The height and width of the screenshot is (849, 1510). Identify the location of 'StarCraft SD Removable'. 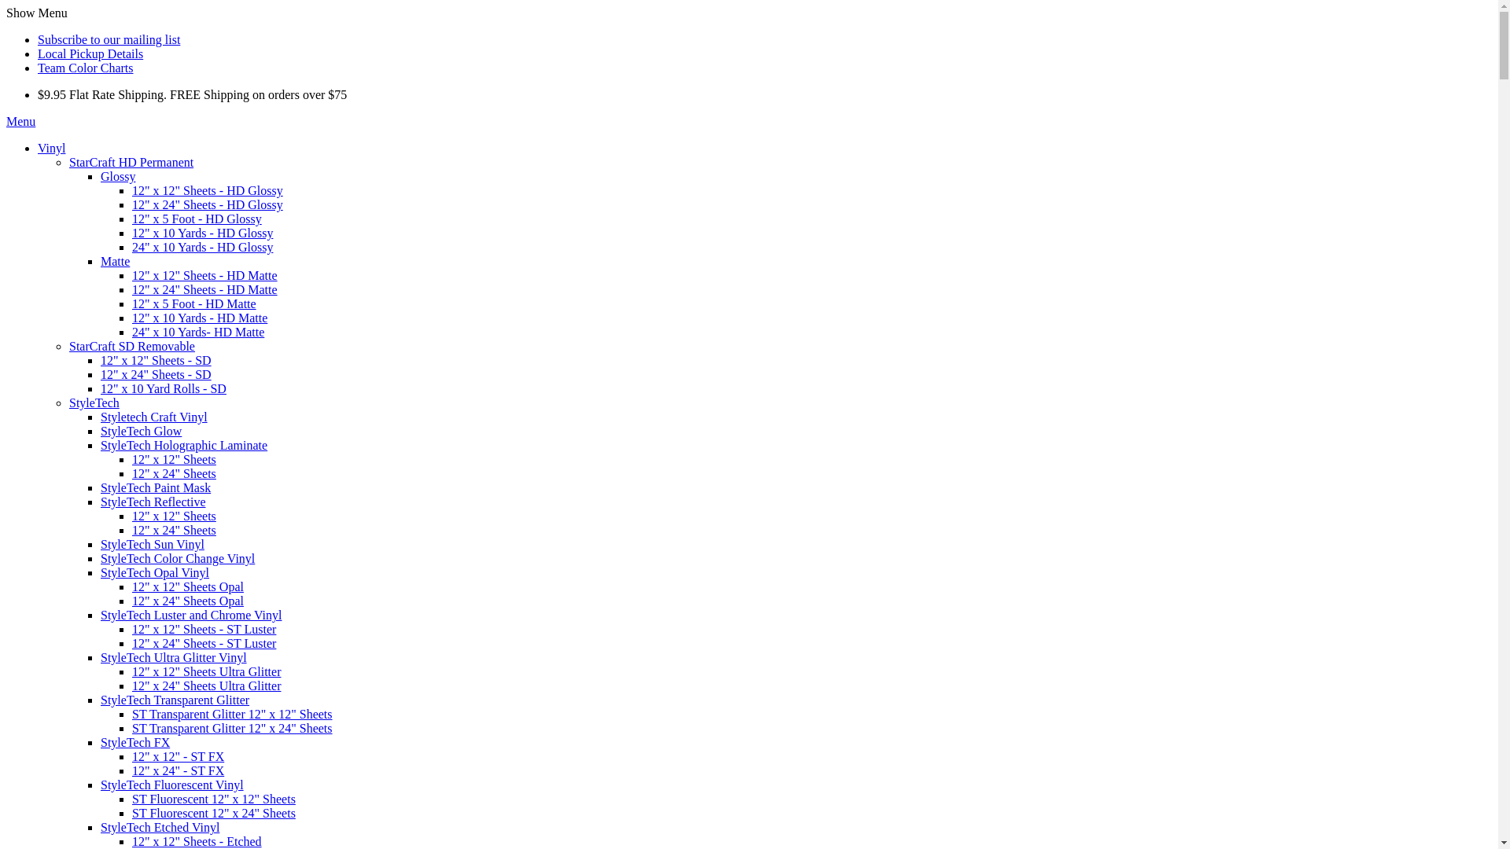
(68, 345).